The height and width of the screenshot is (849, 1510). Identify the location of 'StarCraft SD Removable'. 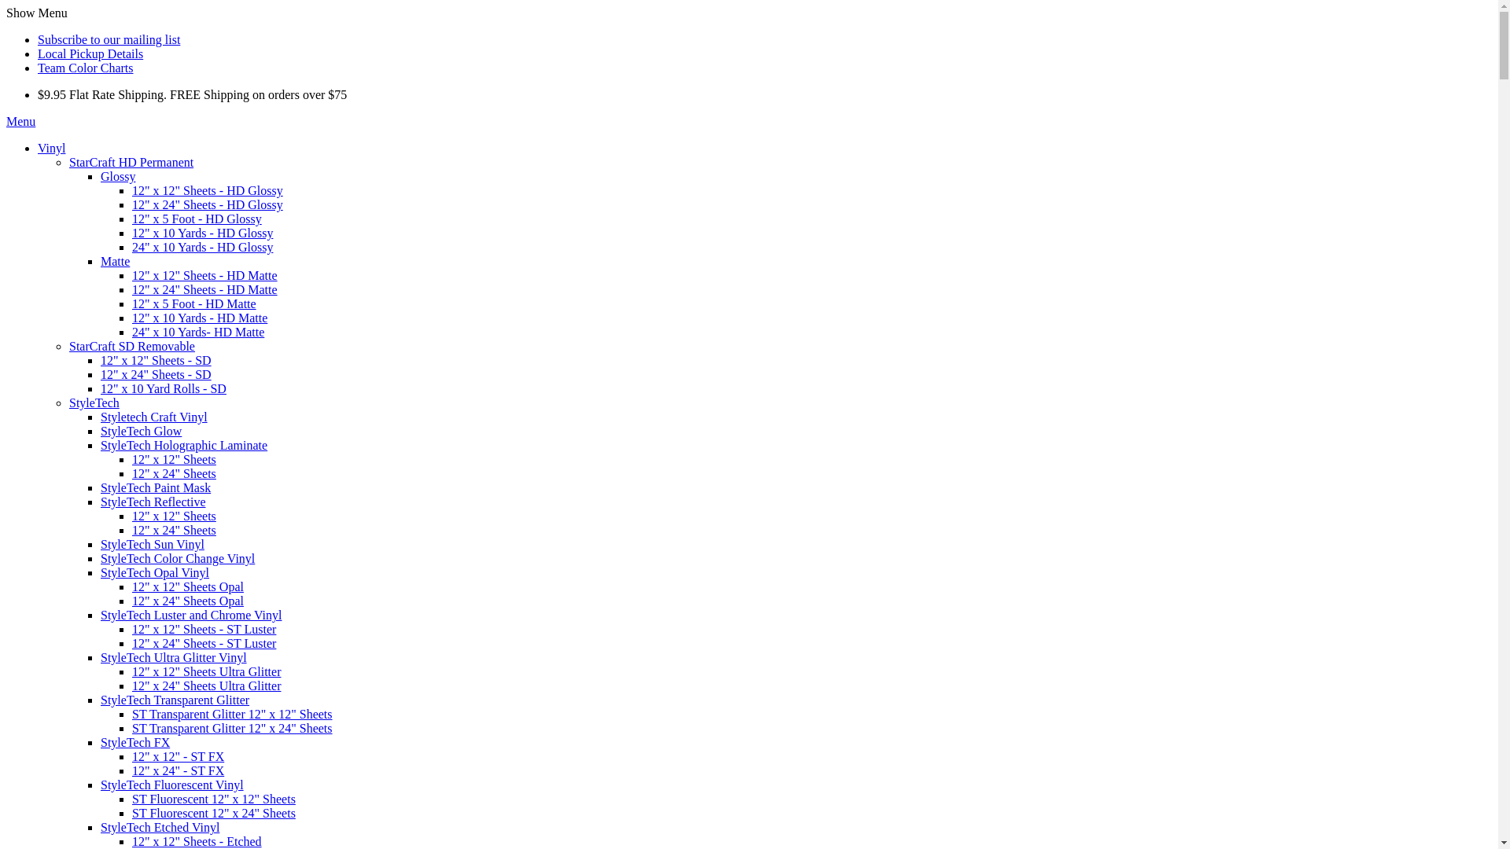
(68, 345).